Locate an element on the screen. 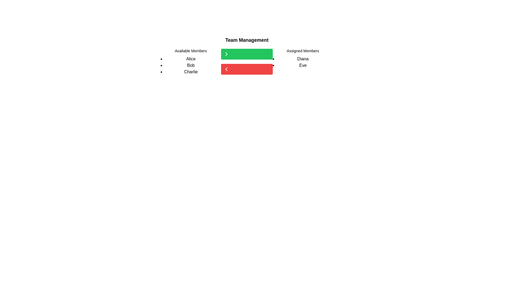  the text label 'Eve' located in the 'Assigned Members' column under 'Team Management', which is the second listed item below 'Diana' is located at coordinates (303, 65).